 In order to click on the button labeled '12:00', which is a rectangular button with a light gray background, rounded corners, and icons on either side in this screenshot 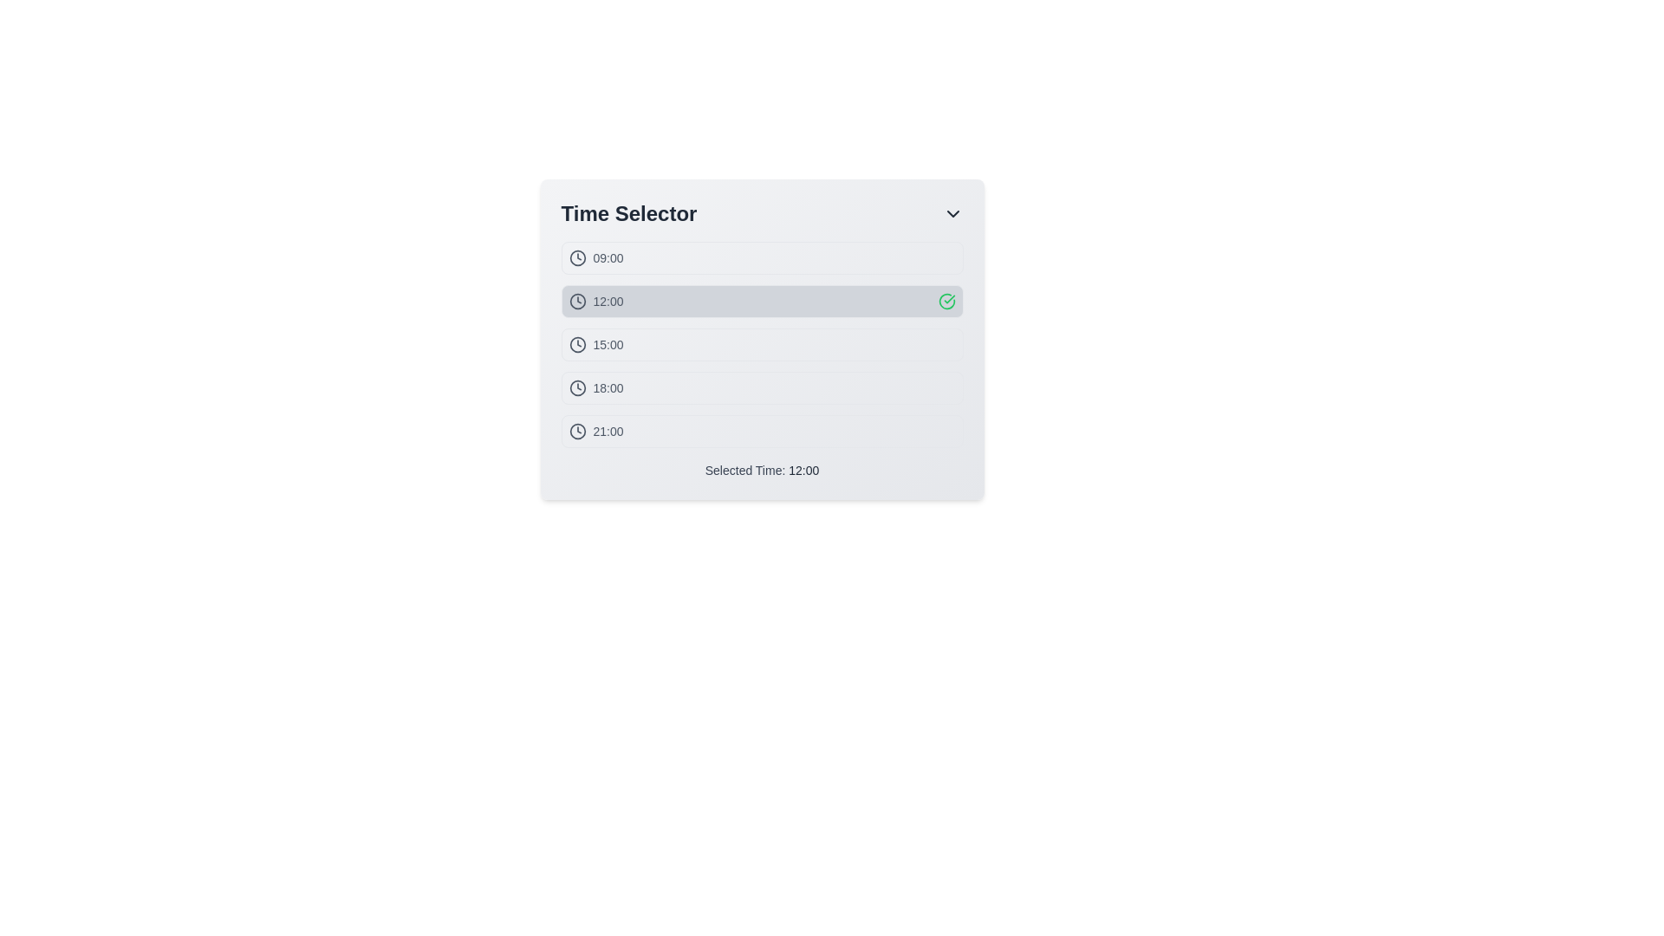, I will do `click(762, 300)`.